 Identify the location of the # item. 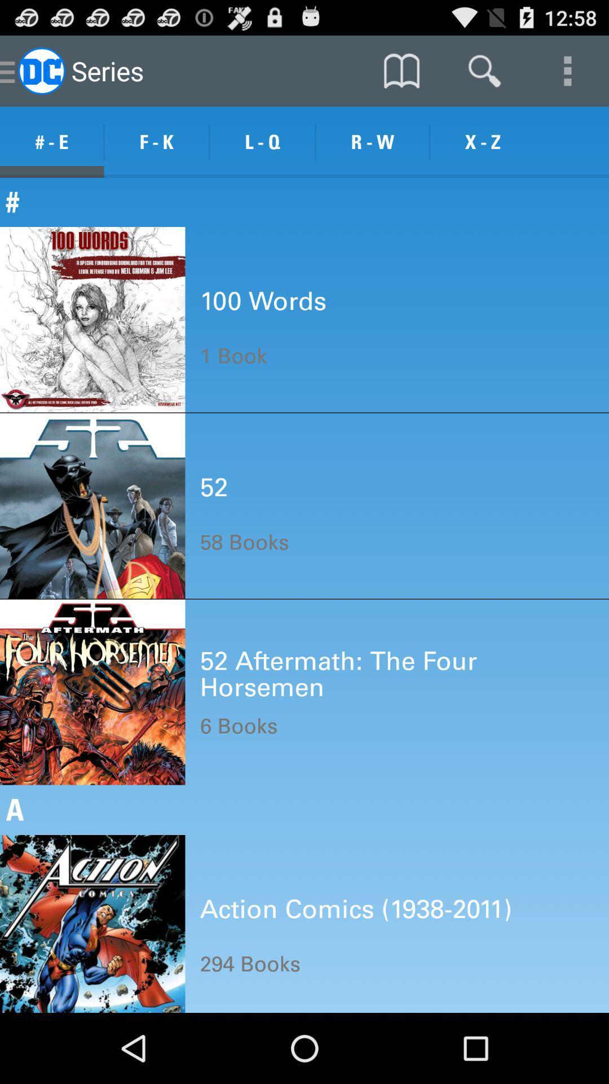
(304, 202).